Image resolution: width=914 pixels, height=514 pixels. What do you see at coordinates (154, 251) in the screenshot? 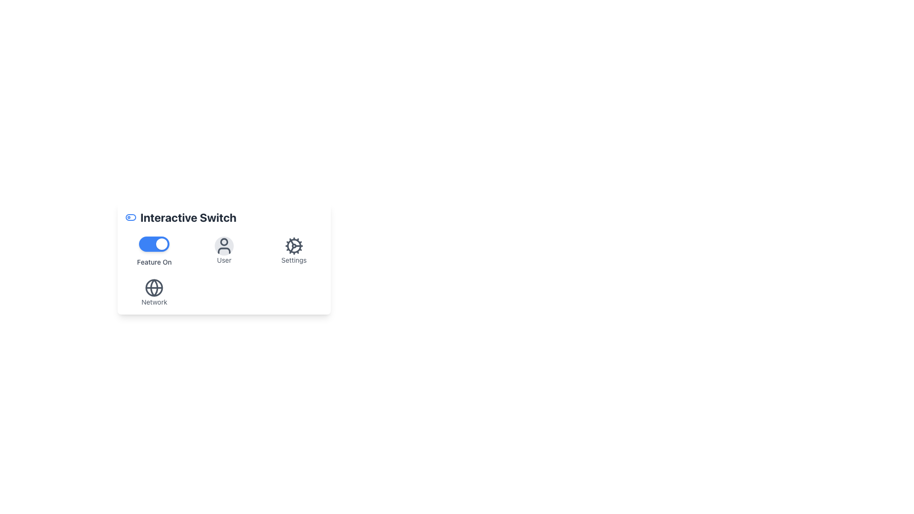
I see `the toggle switch located at the top-left of the grid layout to switch its state between 'On' and 'Off'` at bounding box center [154, 251].